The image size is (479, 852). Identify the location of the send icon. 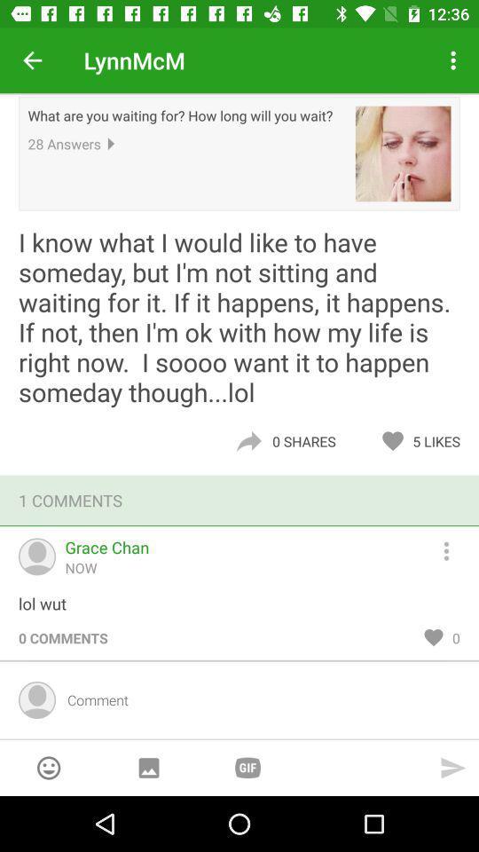
(453, 767).